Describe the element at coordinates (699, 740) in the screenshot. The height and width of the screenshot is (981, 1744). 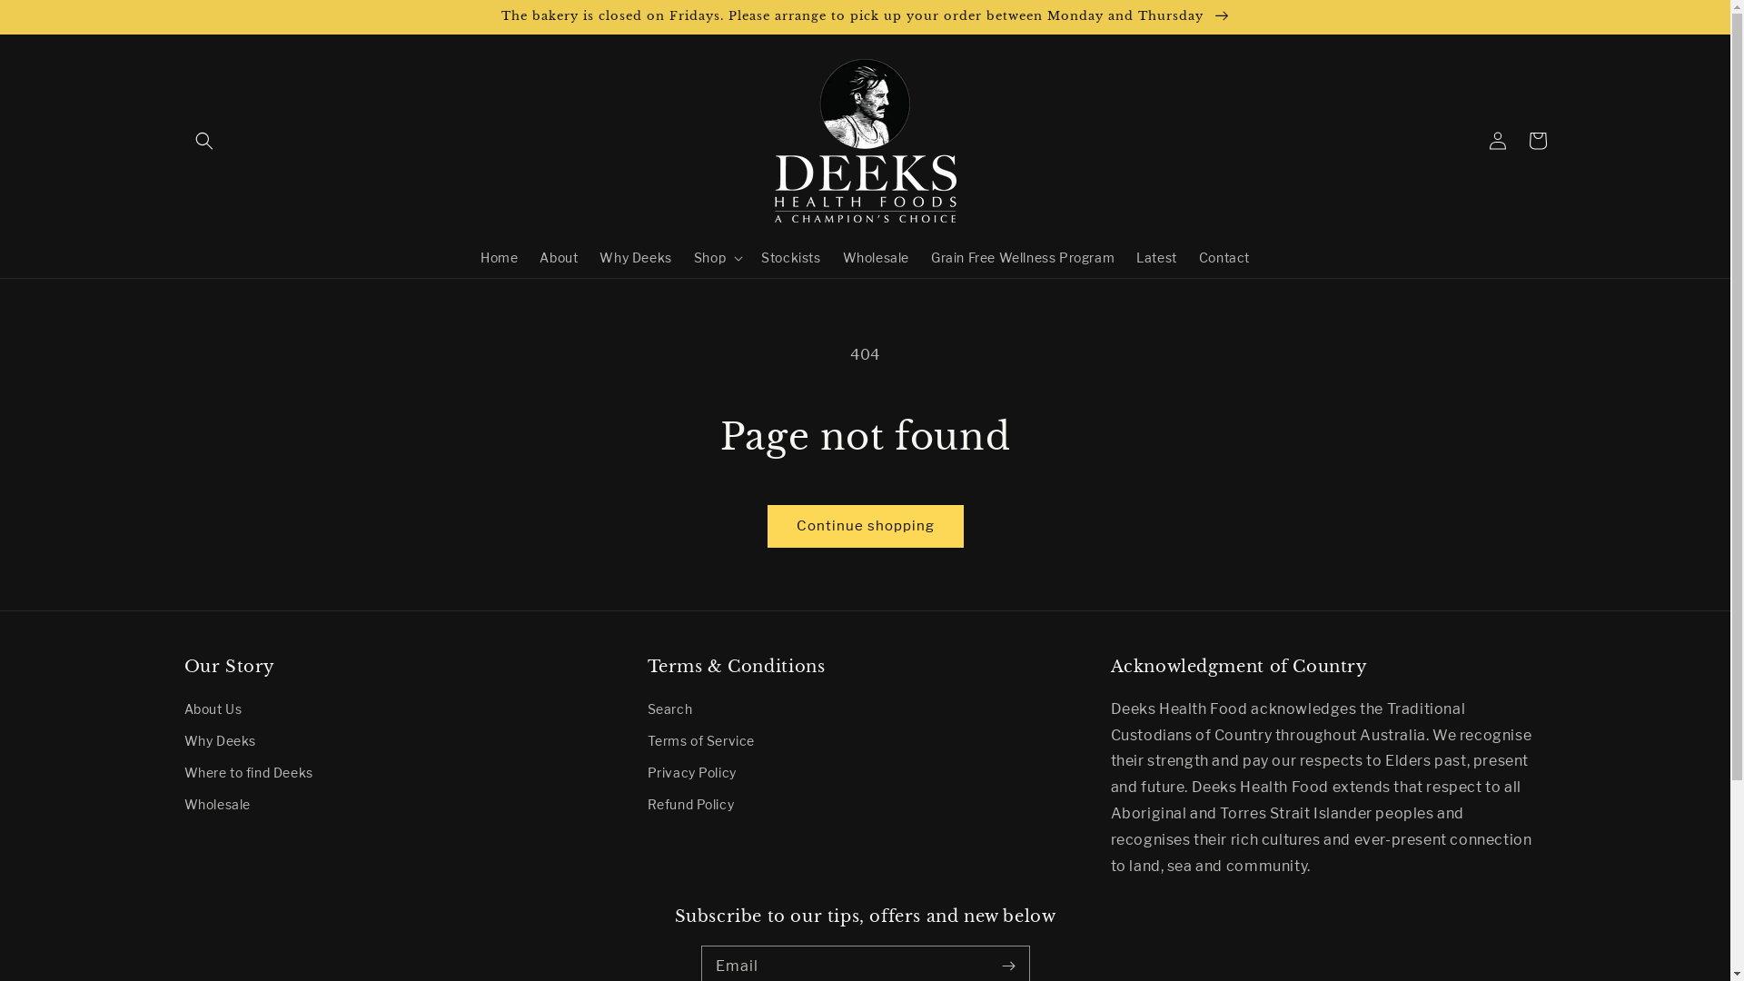
I see `'Terms of Service'` at that location.